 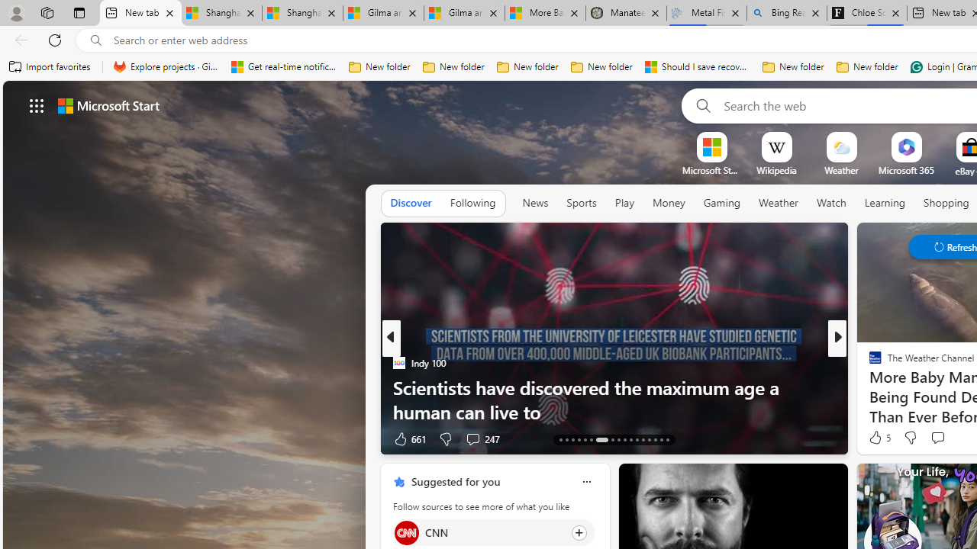 I want to click on 'AutomationID: tab-17', so click(x=584, y=440).